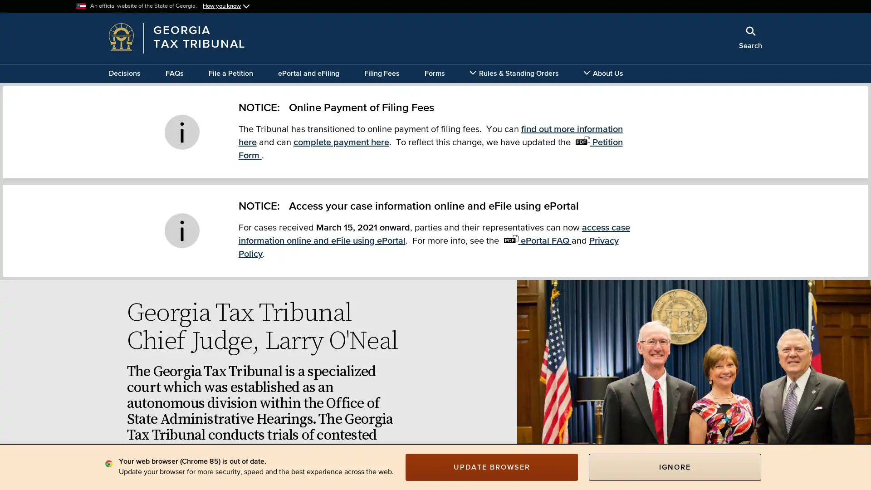  Describe the element at coordinates (750, 39) in the screenshot. I see `Search` at that location.